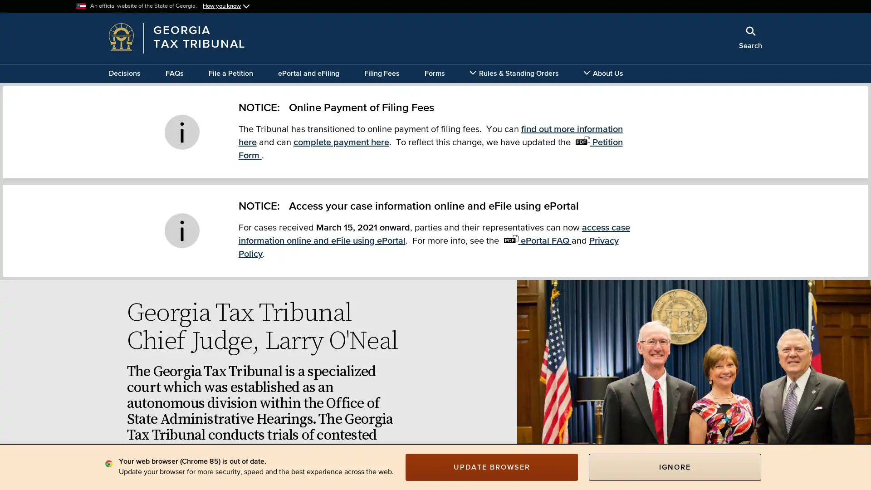  Describe the element at coordinates (750, 39) in the screenshot. I see `Search` at that location.